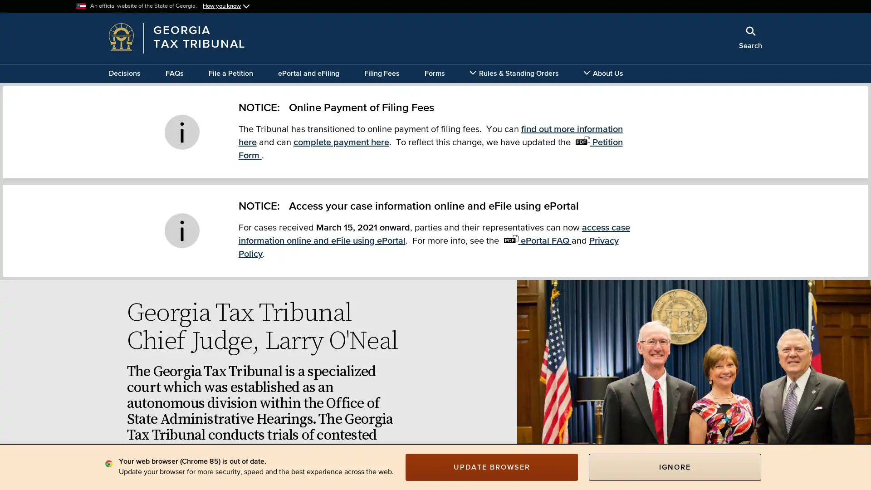  Describe the element at coordinates (750, 39) in the screenshot. I see `Search` at that location.